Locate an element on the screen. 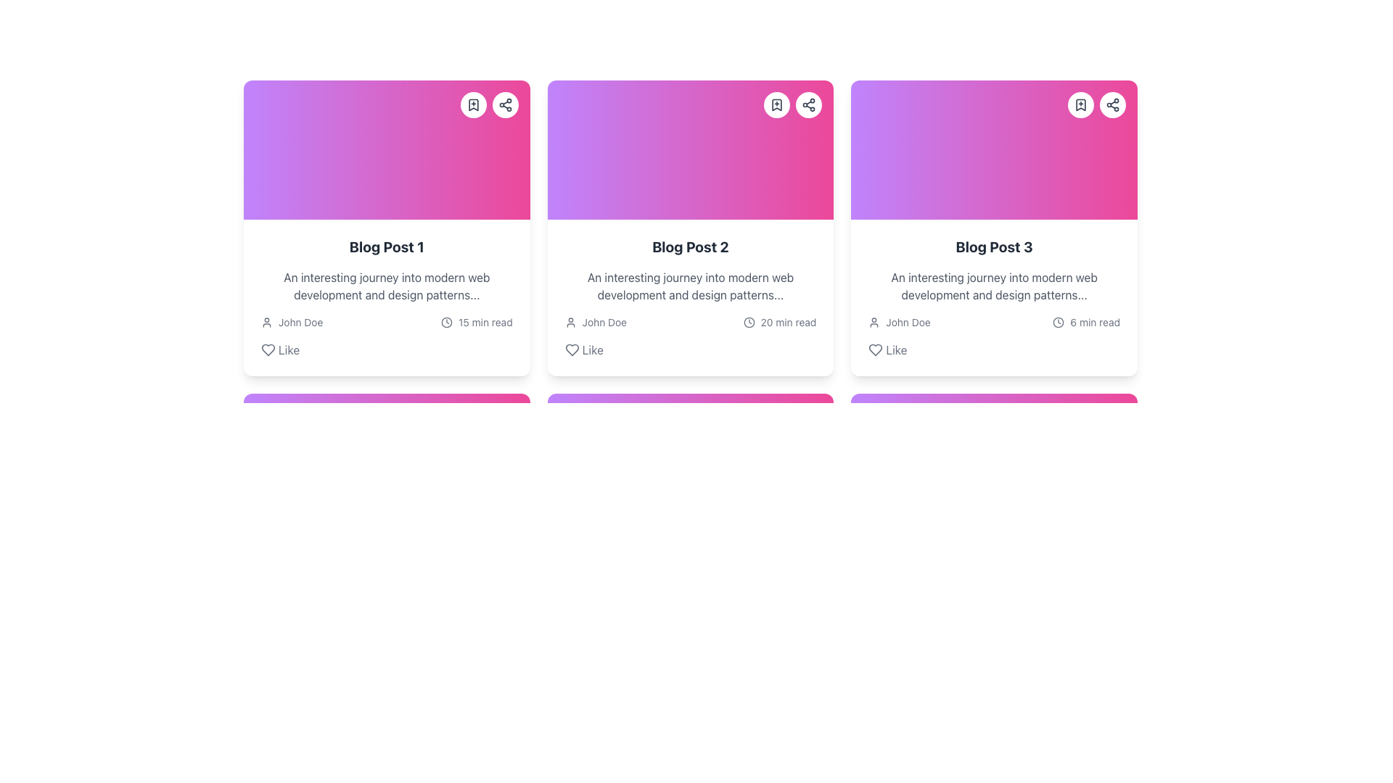 The height and width of the screenshot is (783, 1393). the circular bookmark button with a white background and a black bookmark icon with a plus symbol located in the top-right corner of 'Blog Post 1' to bookmark the post is located at coordinates (473, 104).